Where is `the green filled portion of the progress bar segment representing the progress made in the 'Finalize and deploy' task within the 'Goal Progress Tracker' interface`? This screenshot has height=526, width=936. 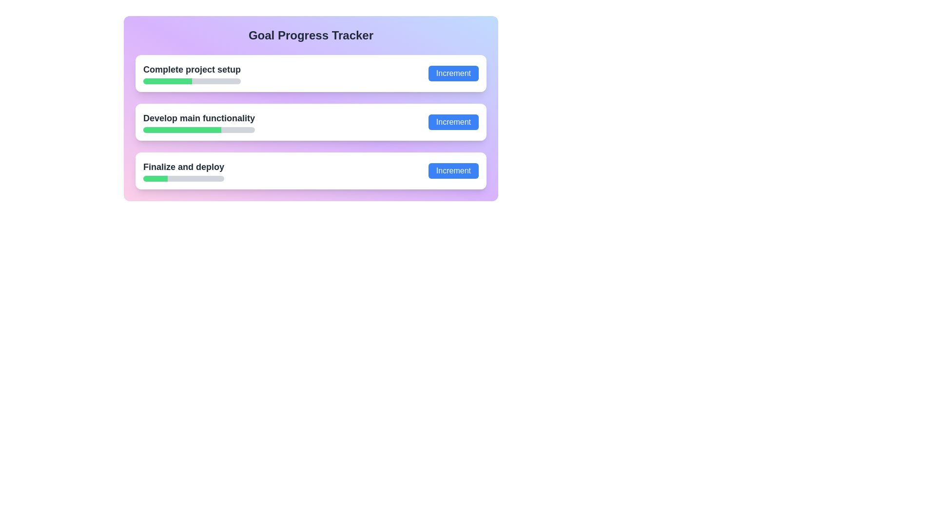 the green filled portion of the progress bar segment representing the progress made in the 'Finalize and deploy' task within the 'Goal Progress Tracker' interface is located at coordinates (155, 178).